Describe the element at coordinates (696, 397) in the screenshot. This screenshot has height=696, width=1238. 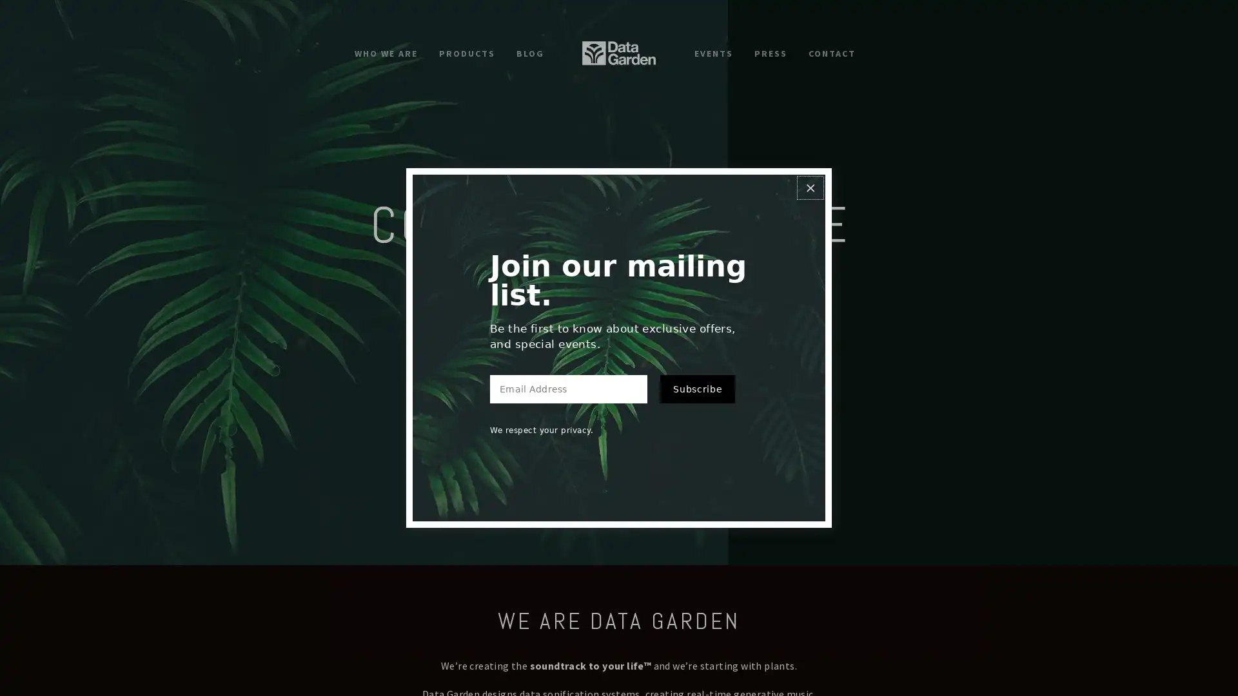
I see `Subscribe` at that location.